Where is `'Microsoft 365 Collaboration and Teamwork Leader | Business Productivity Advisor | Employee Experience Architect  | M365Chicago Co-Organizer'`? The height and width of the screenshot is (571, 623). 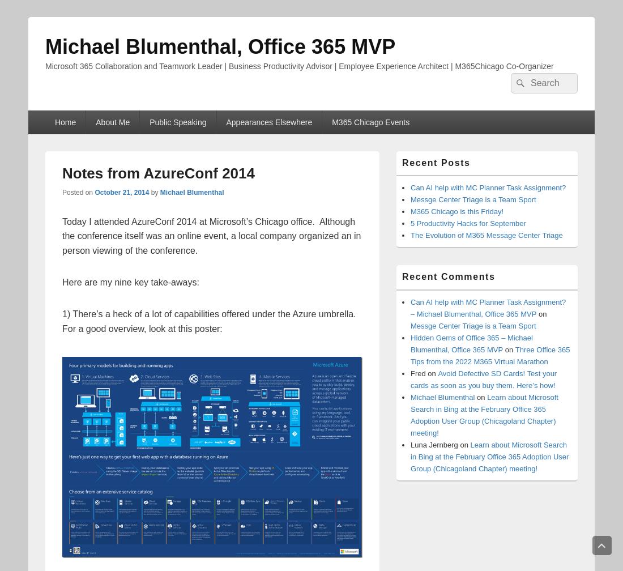 'Microsoft 365 Collaboration and Teamwork Leader | Business Productivity Advisor | Employee Experience Architect  | M365Chicago Co-Organizer' is located at coordinates (45, 66).